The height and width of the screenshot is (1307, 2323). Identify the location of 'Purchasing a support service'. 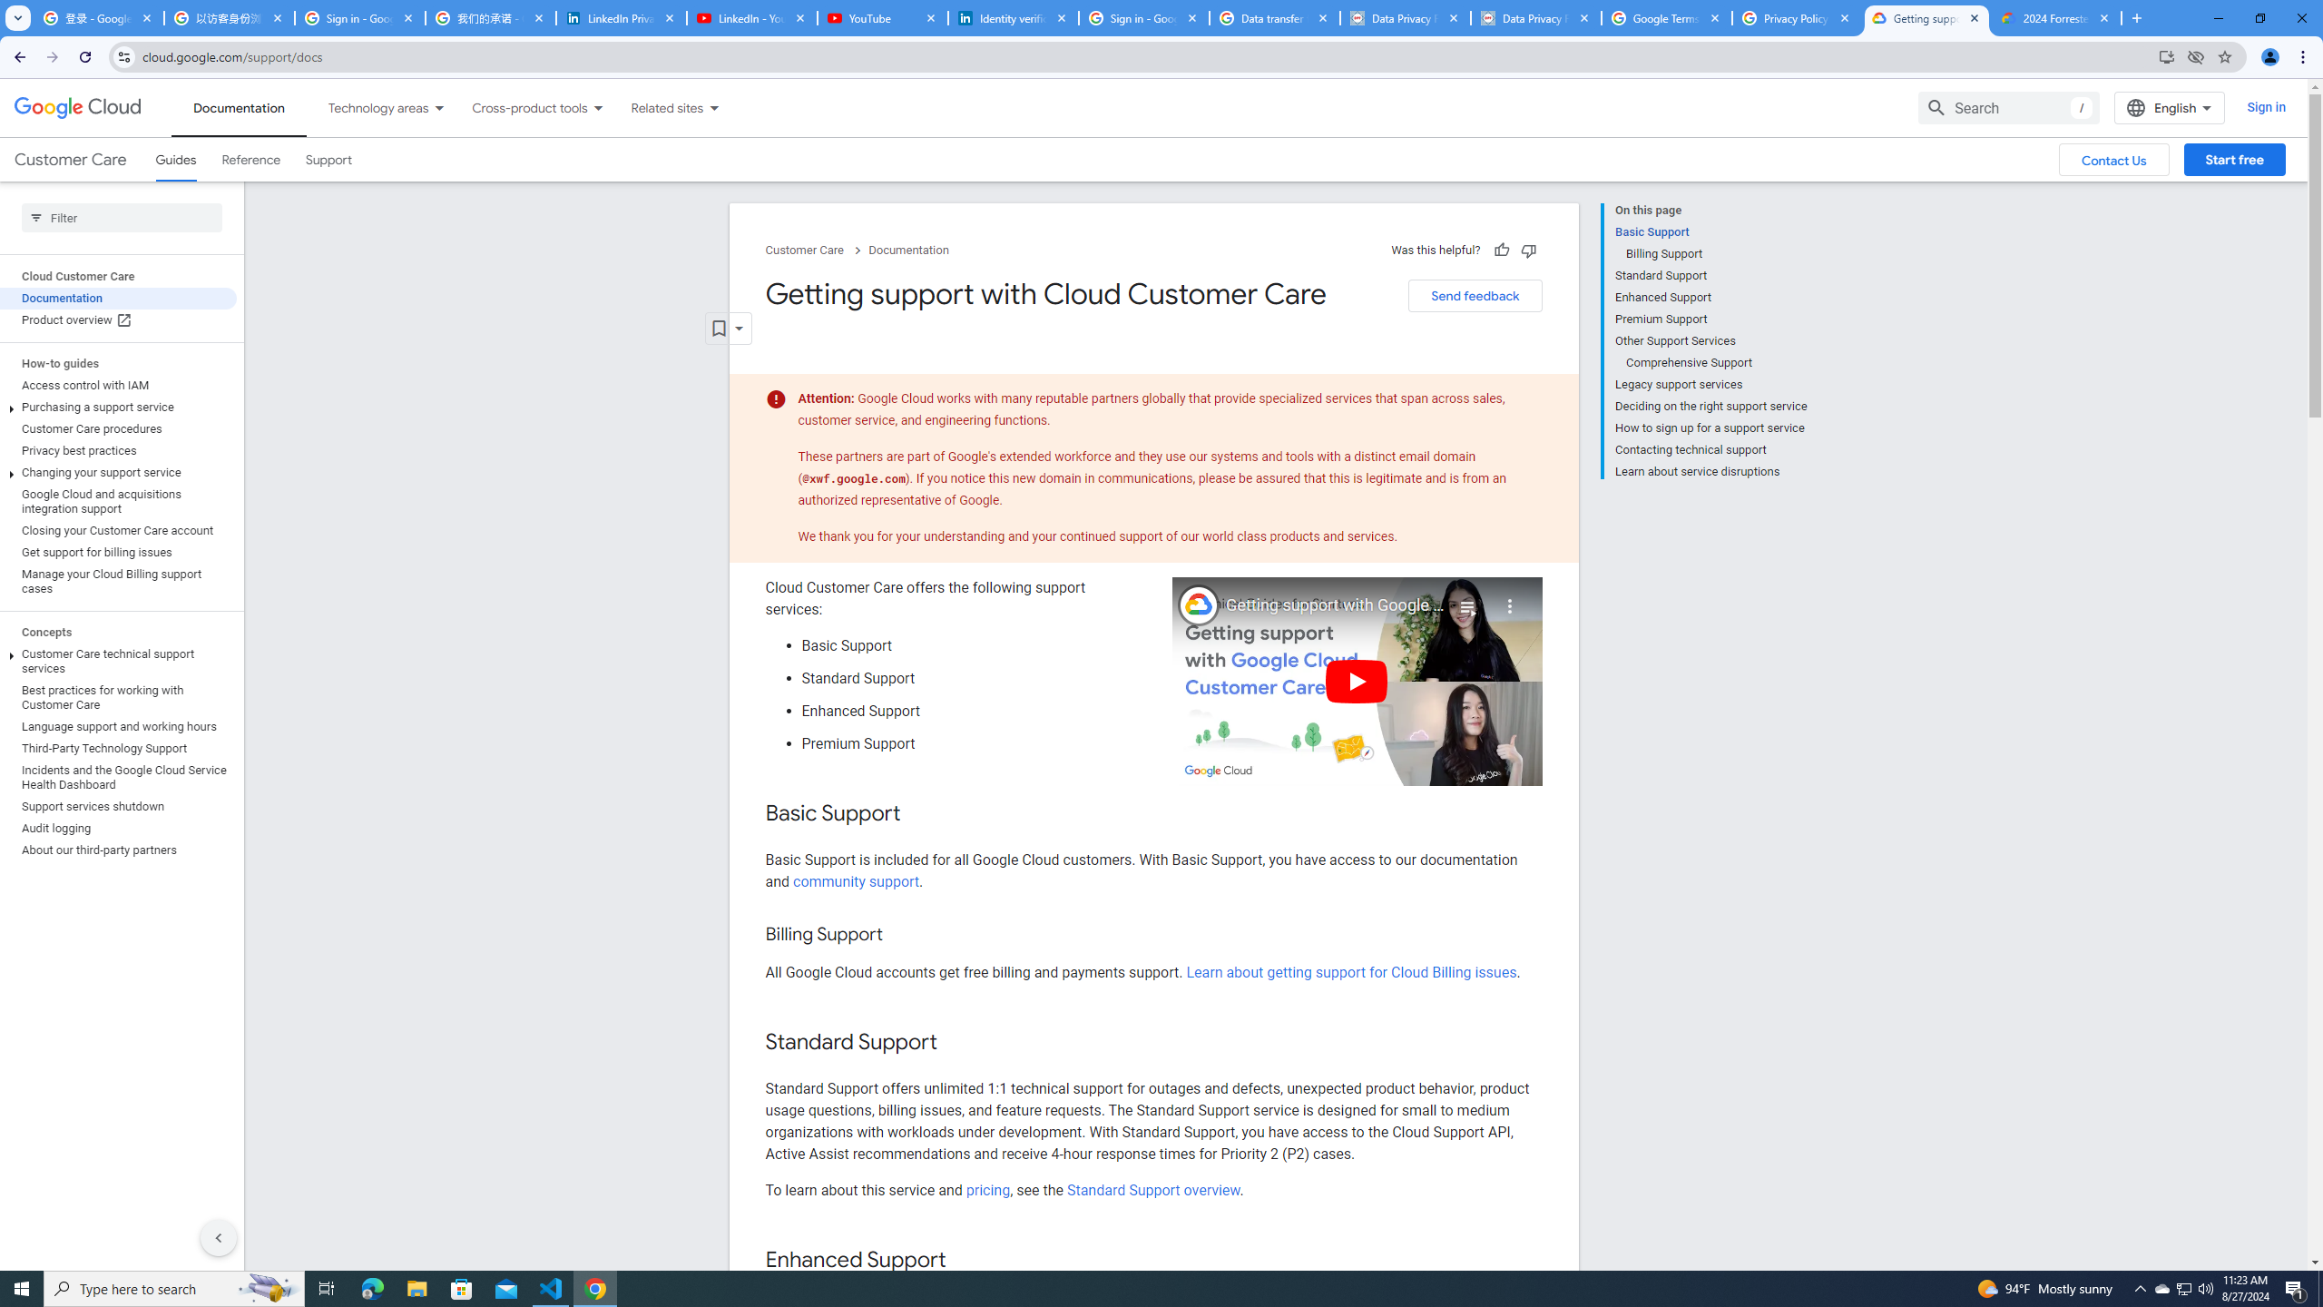
(118, 407).